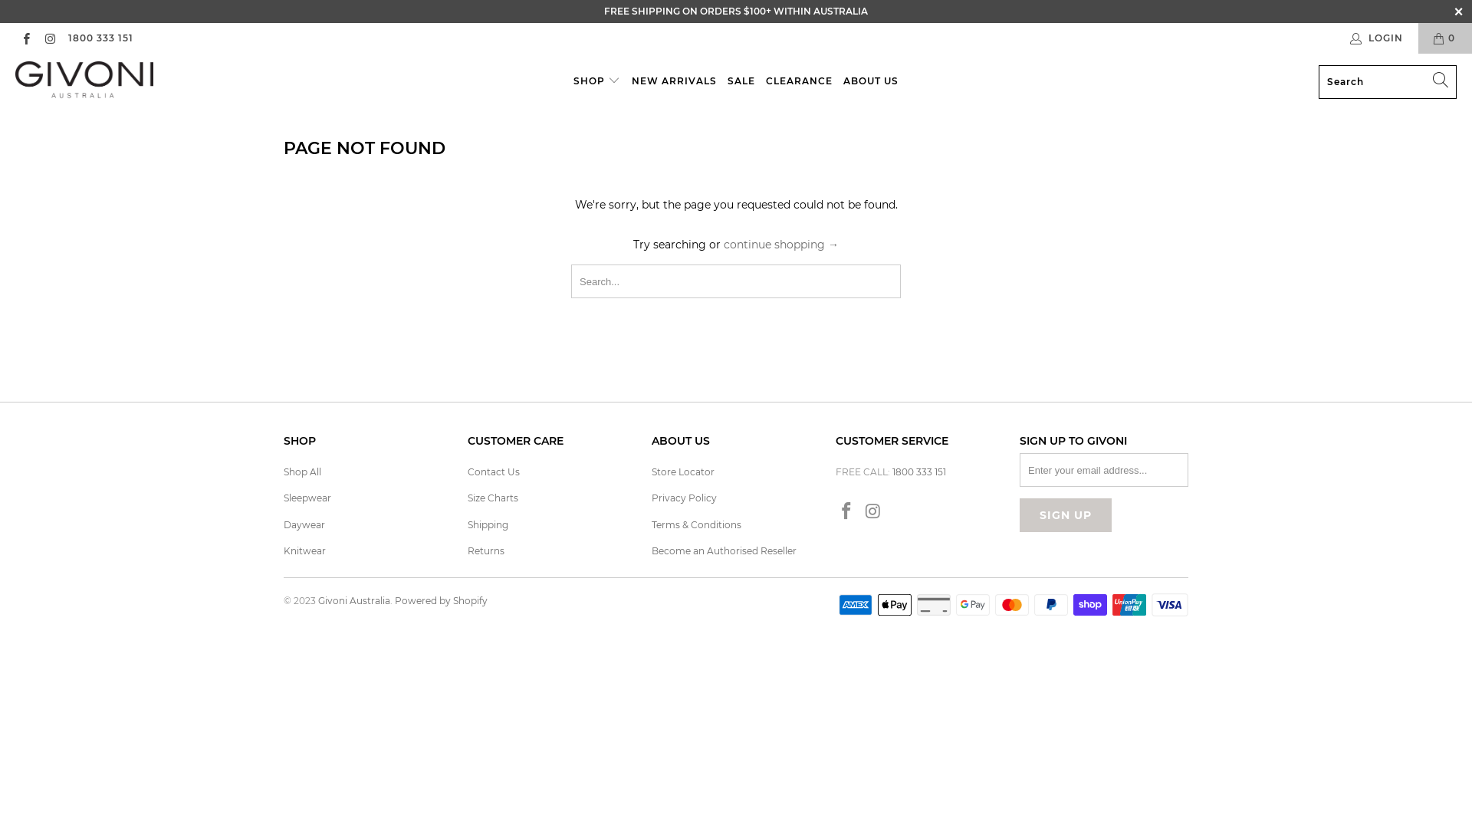  I want to click on 'SHOP', so click(573, 81).